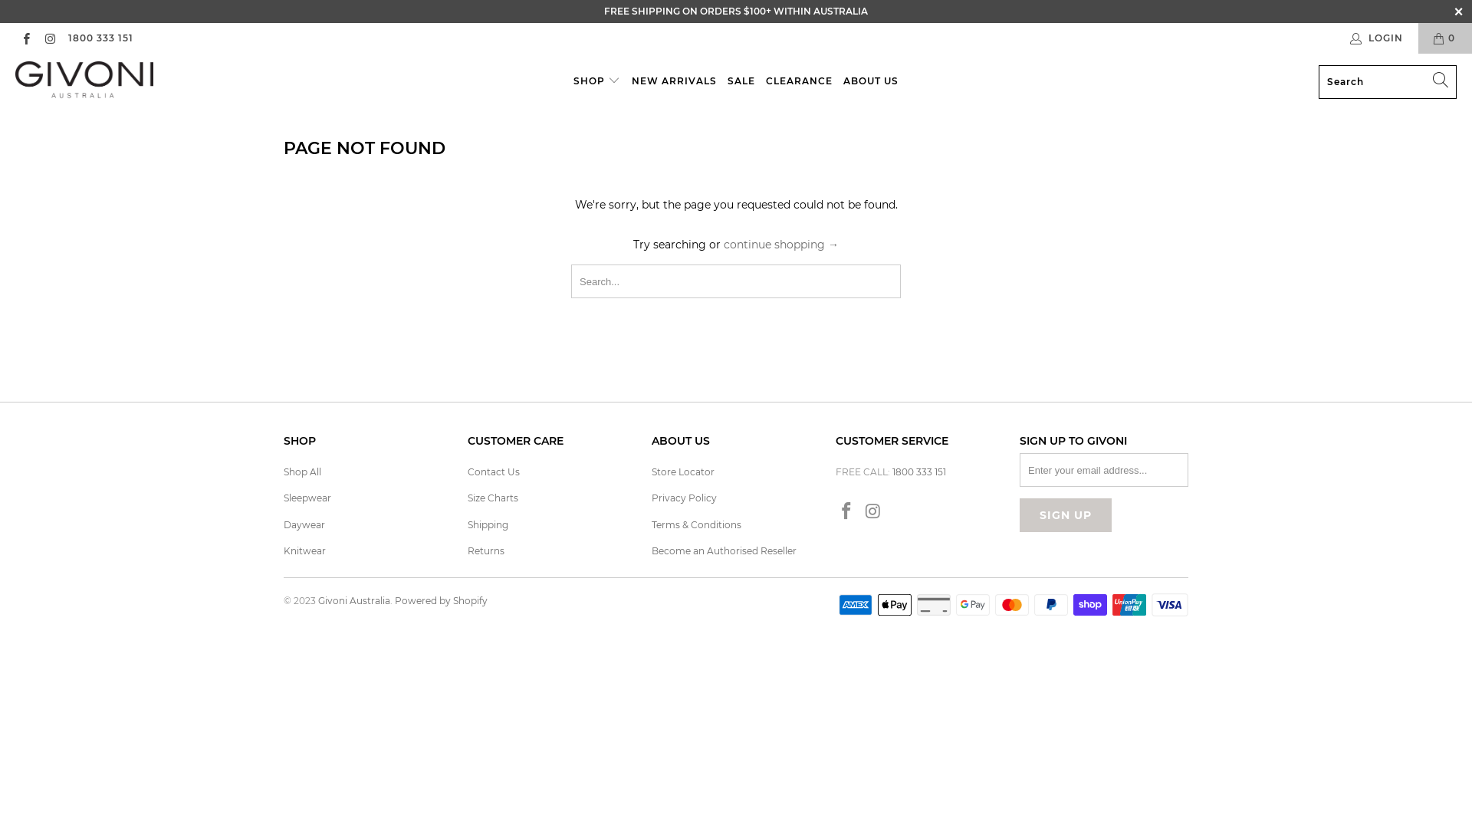  I want to click on 'SHOP', so click(573, 81).